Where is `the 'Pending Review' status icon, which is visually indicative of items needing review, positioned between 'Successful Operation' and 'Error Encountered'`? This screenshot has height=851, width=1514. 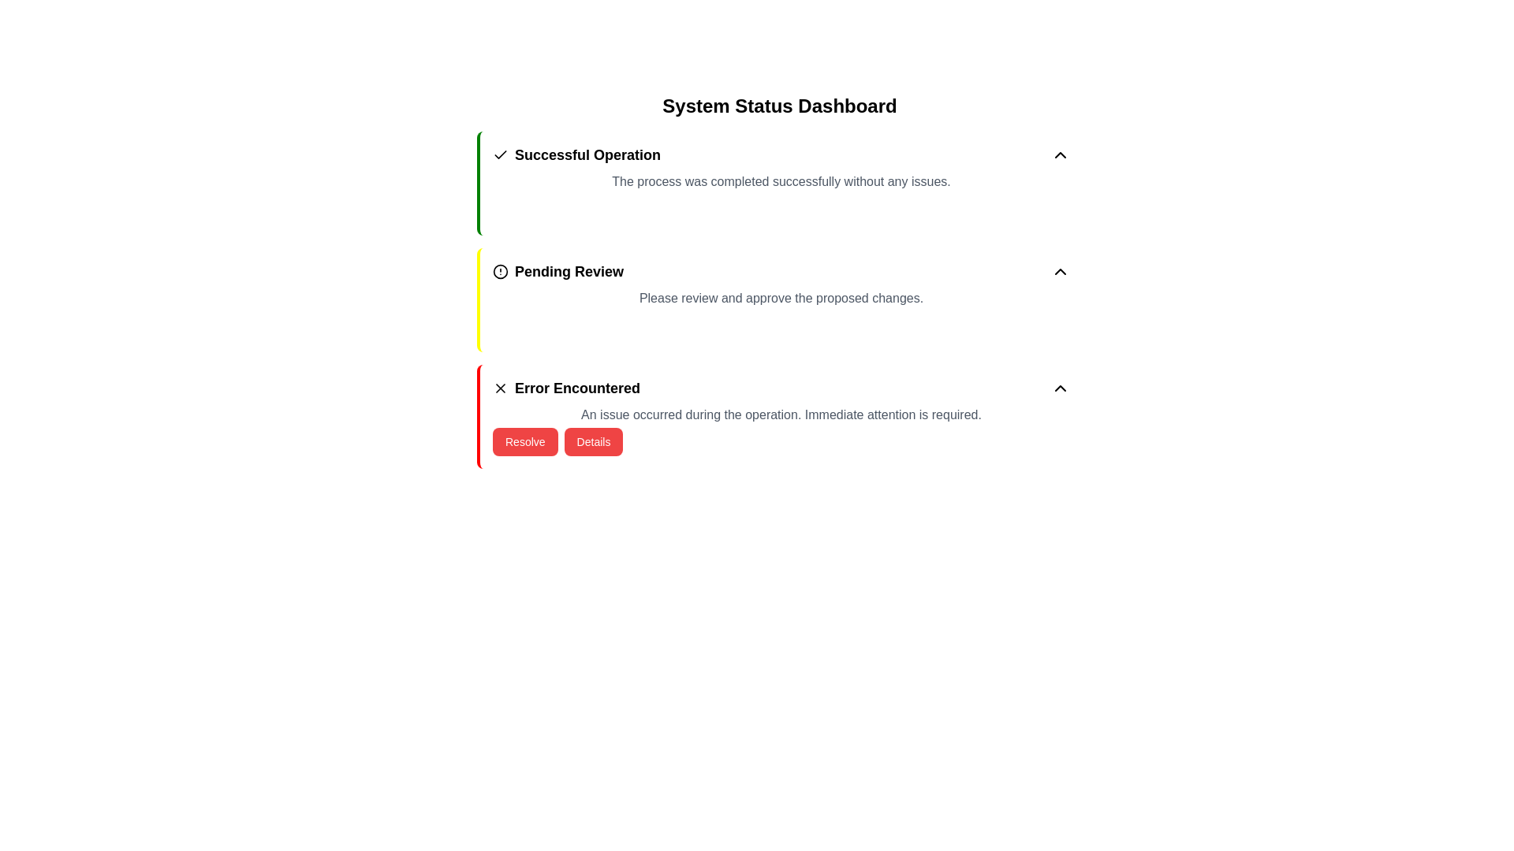 the 'Pending Review' status icon, which is visually indicative of items needing review, positioned between 'Successful Operation' and 'Error Encountered' is located at coordinates (499, 270).